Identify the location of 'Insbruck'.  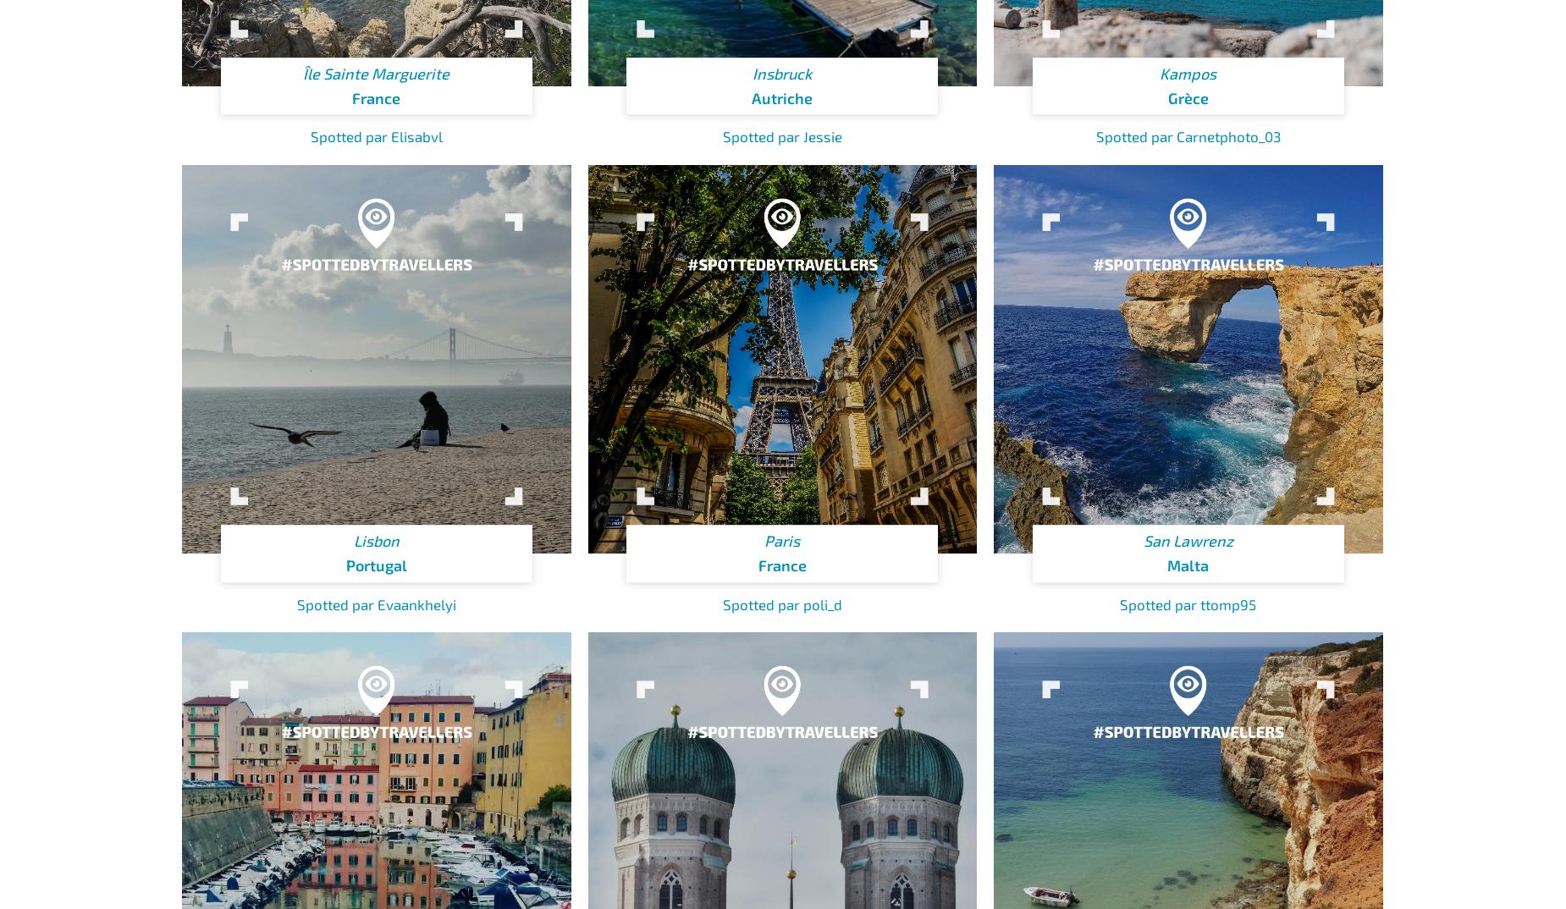
(752, 73).